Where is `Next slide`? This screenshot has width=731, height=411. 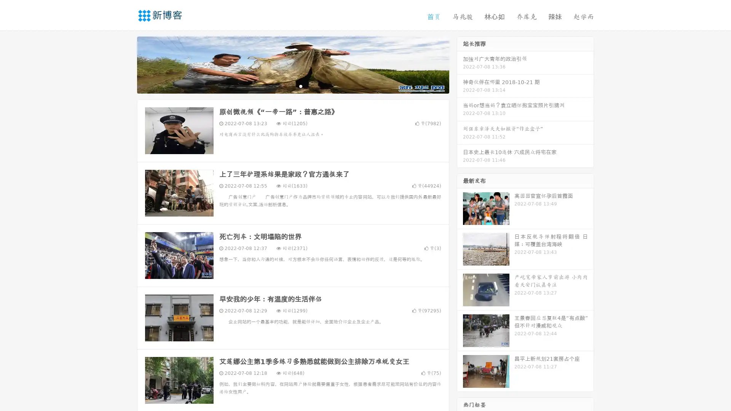 Next slide is located at coordinates (460, 64).